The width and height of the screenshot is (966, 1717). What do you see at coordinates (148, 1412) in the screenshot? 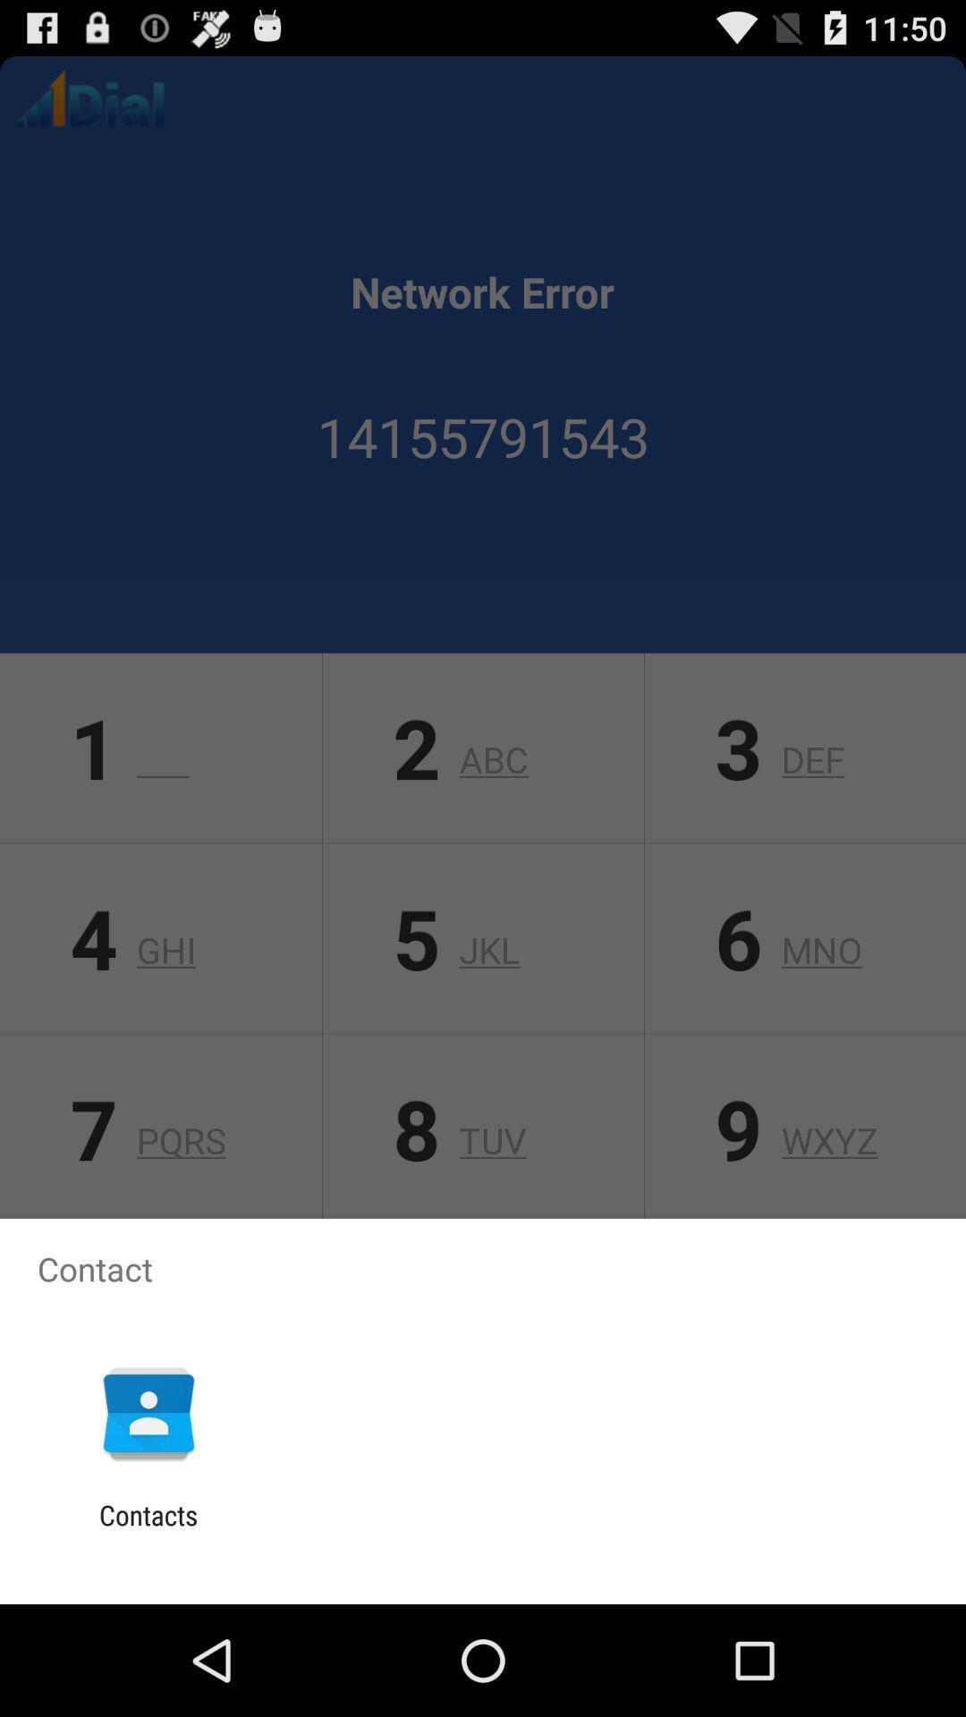
I see `the app below contact item` at bounding box center [148, 1412].